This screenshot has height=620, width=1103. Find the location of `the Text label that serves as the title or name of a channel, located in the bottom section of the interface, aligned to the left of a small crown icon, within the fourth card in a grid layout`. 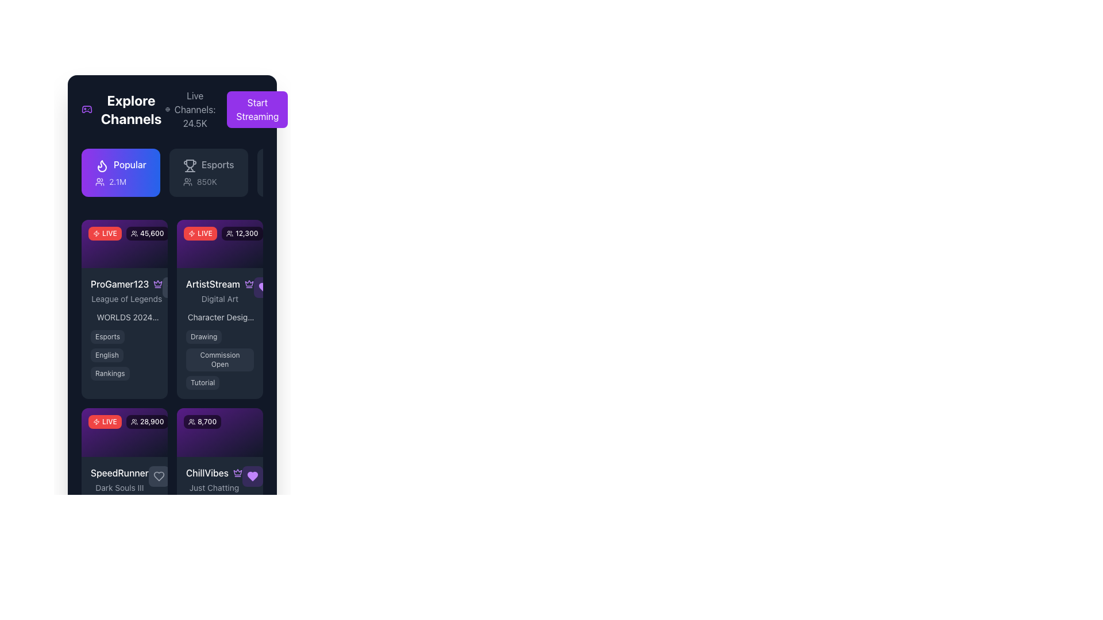

the Text label that serves as the title or name of a channel, located in the bottom section of the interface, aligned to the left of a small crown icon, within the fourth card in a grid layout is located at coordinates (207, 472).